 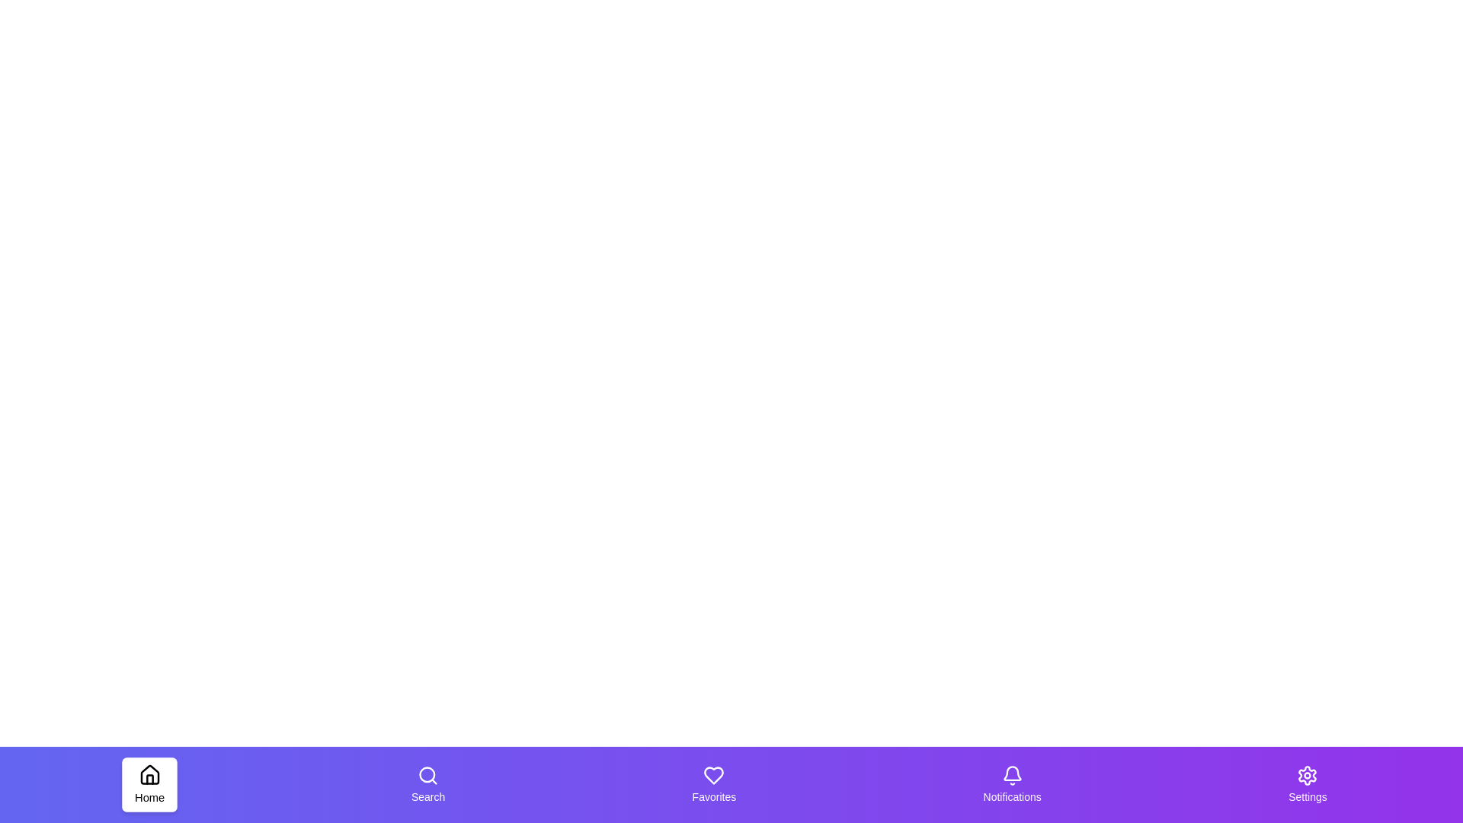 What do you see at coordinates (1012, 784) in the screenshot?
I see `the tab labeled Notifications to trigger its hover effect` at bounding box center [1012, 784].